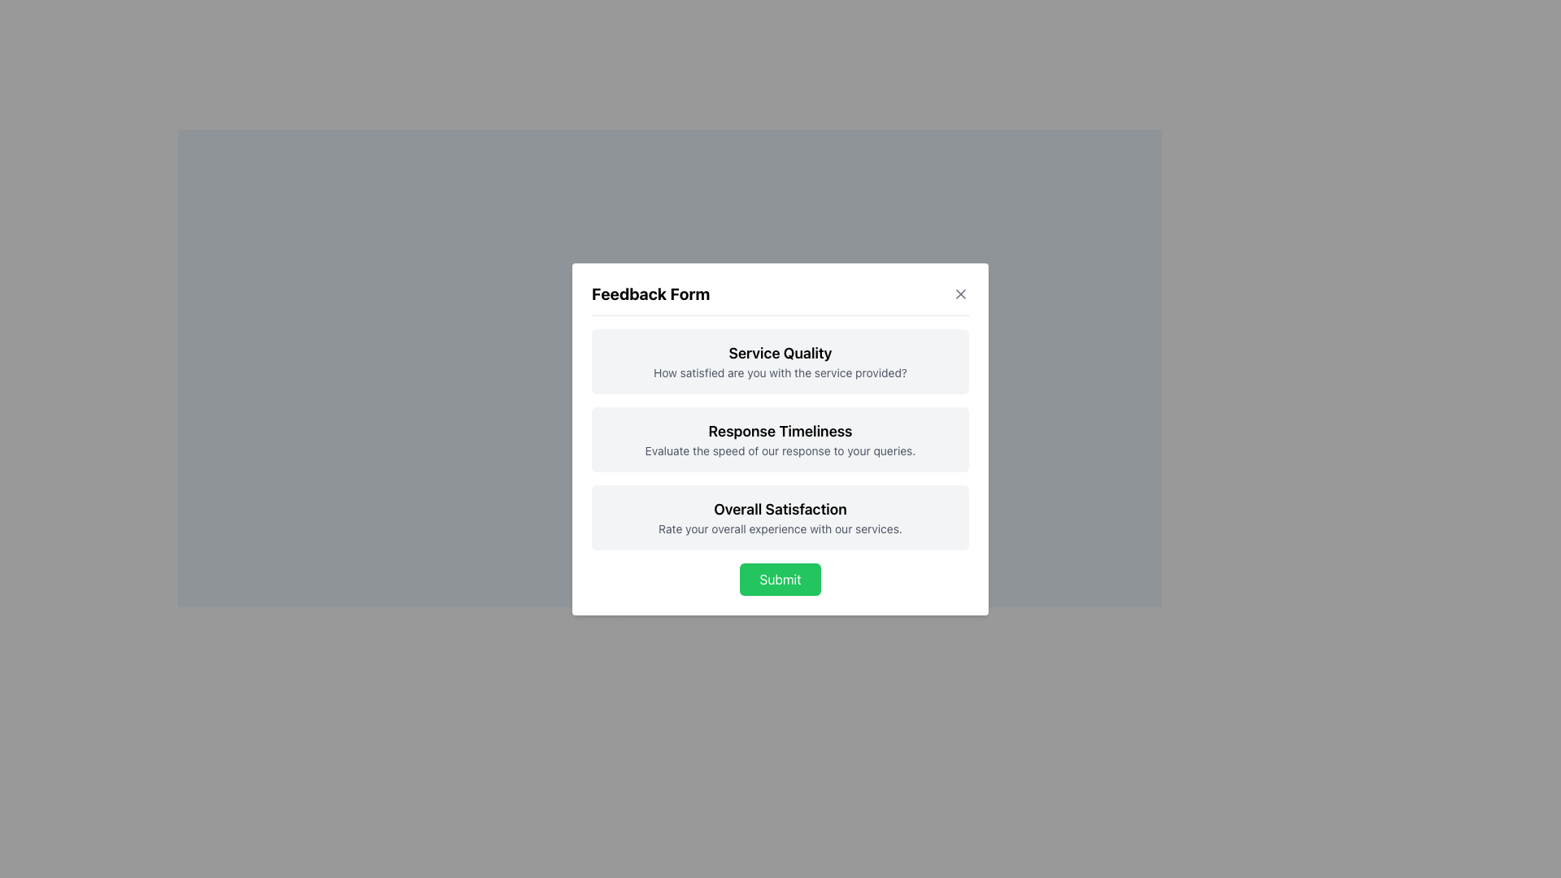  Describe the element at coordinates (780, 507) in the screenshot. I see `the text heading 'Overall Satisfaction' which is centrally positioned within a light gray card and is styled in bold, large font, distinct from surrounding text` at that location.